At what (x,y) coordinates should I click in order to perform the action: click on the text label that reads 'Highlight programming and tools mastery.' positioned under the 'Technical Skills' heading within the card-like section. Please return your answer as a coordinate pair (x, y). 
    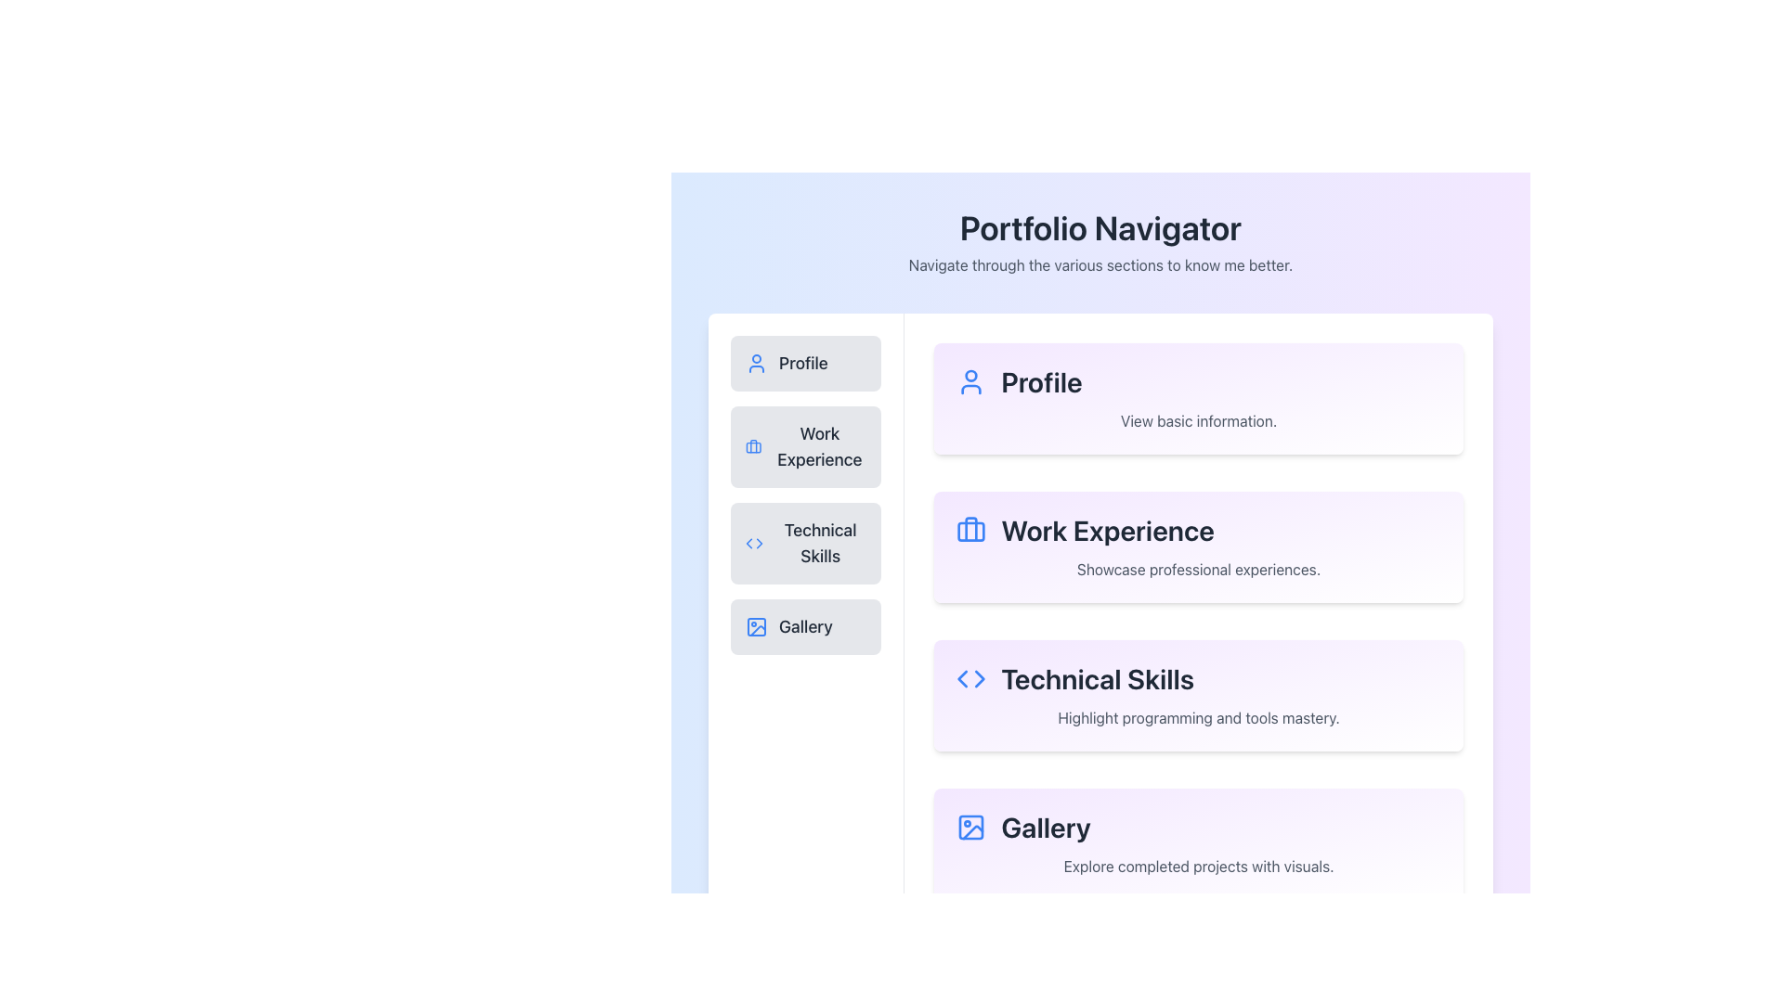
    Looking at the image, I should click on (1199, 717).